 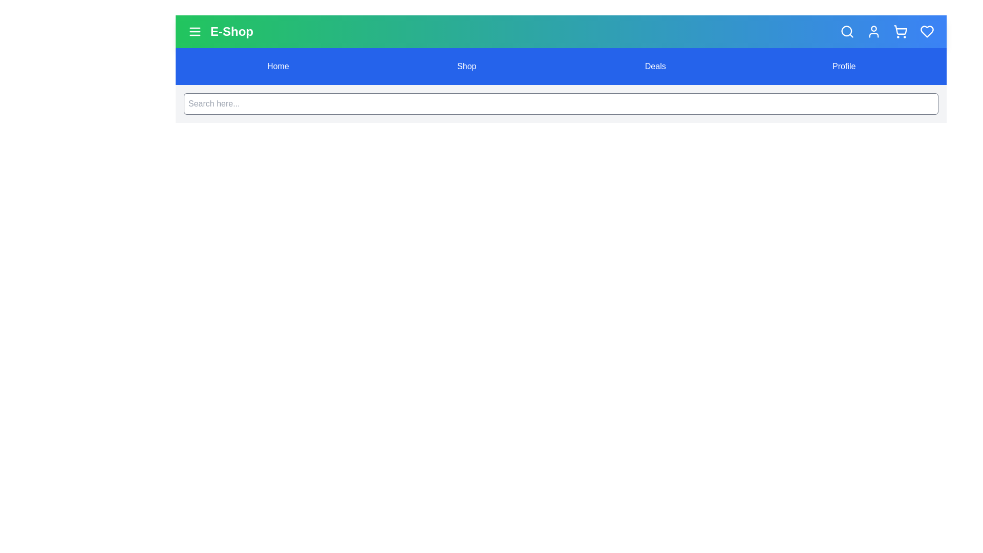 I want to click on the menu option Profile to navigate to the respective section, so click(x=843, y=67).